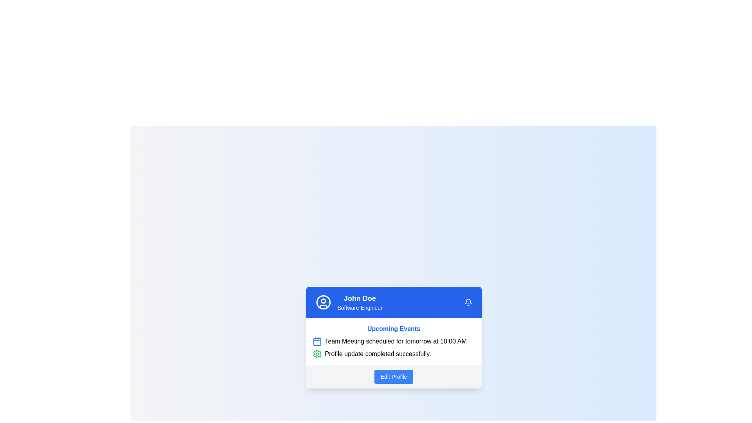 The image size is (752, 423). Describe the element at coordinates (394, 341) in the screenshot. I see `the Informational panel that displays information about upcoming events and recent updates, located beneath the profile header and above the 'Edit Profile' button` at that location.